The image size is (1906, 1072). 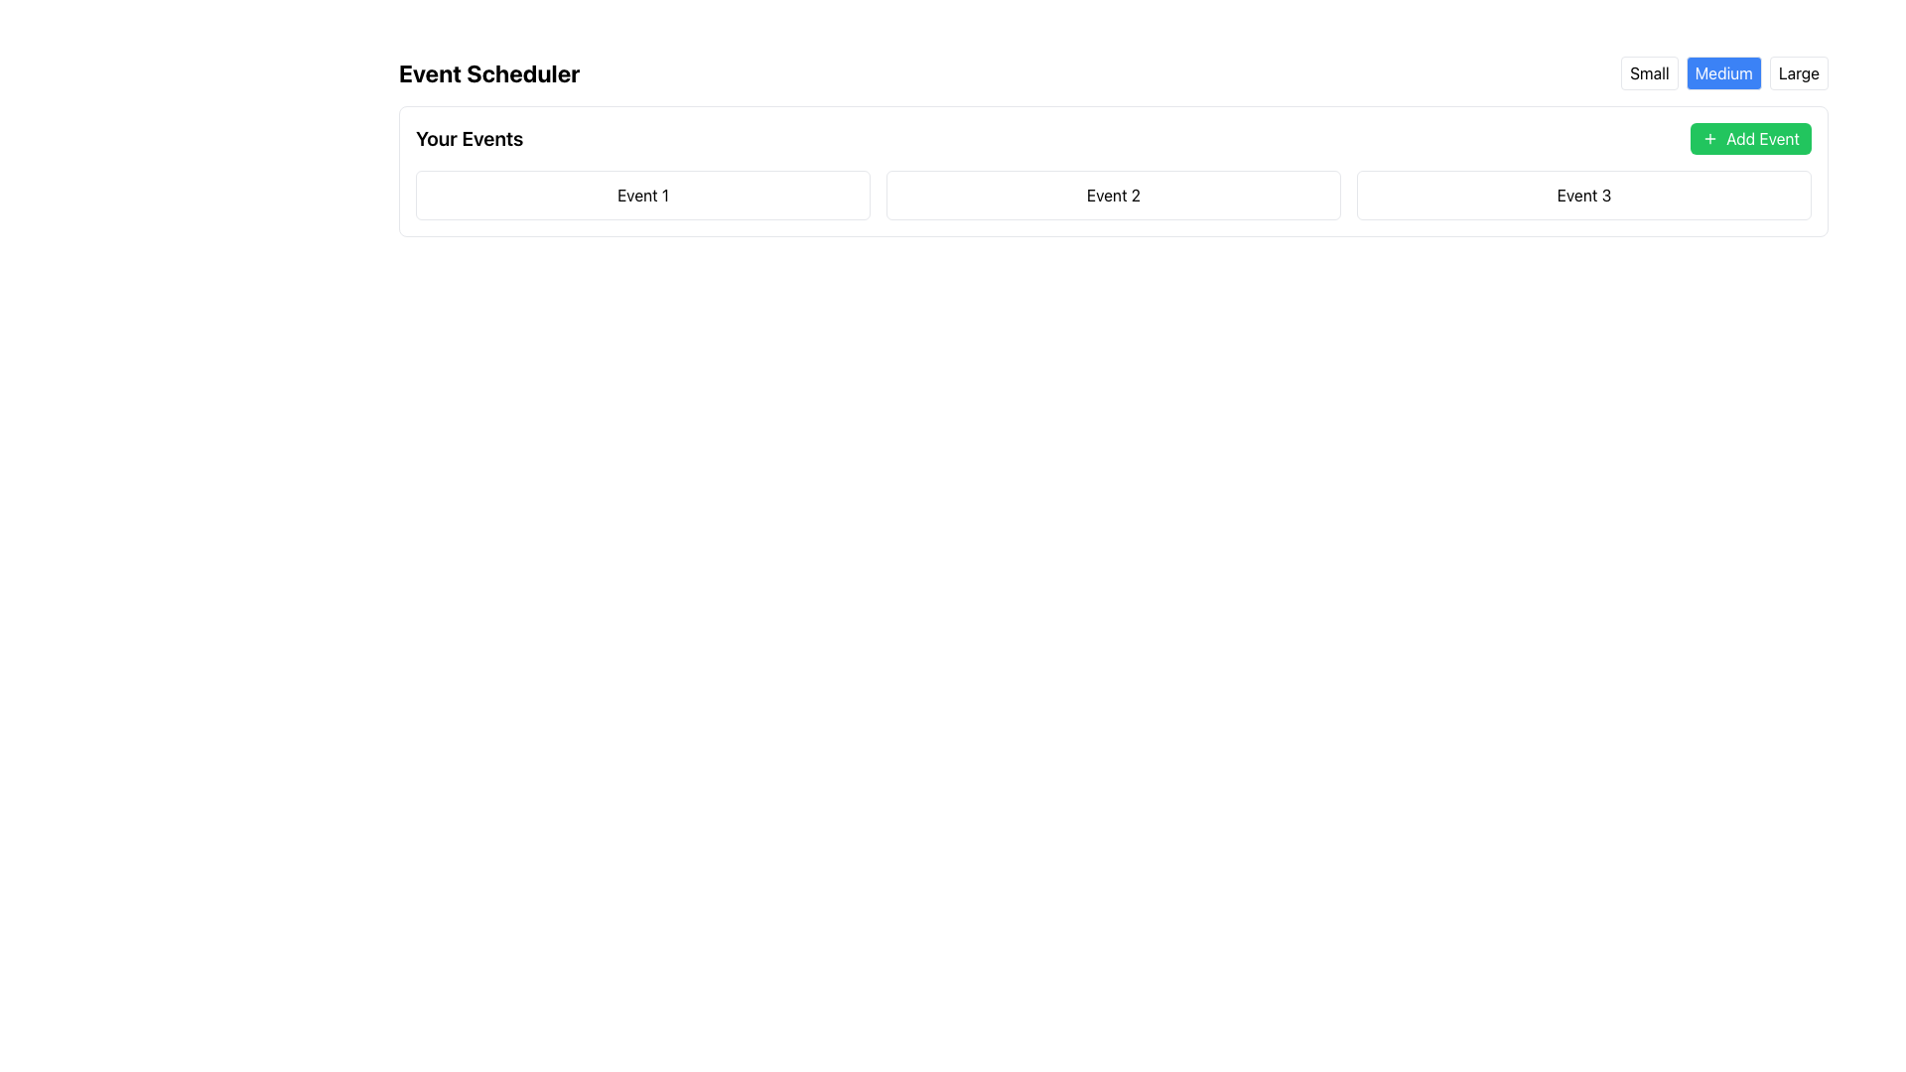 What do you see at coordinates (1722, 71) in the screenshot?
I see `the rectangular button with a blue background and white text labeled 'Medium'` at bounding box center [1722, 71].